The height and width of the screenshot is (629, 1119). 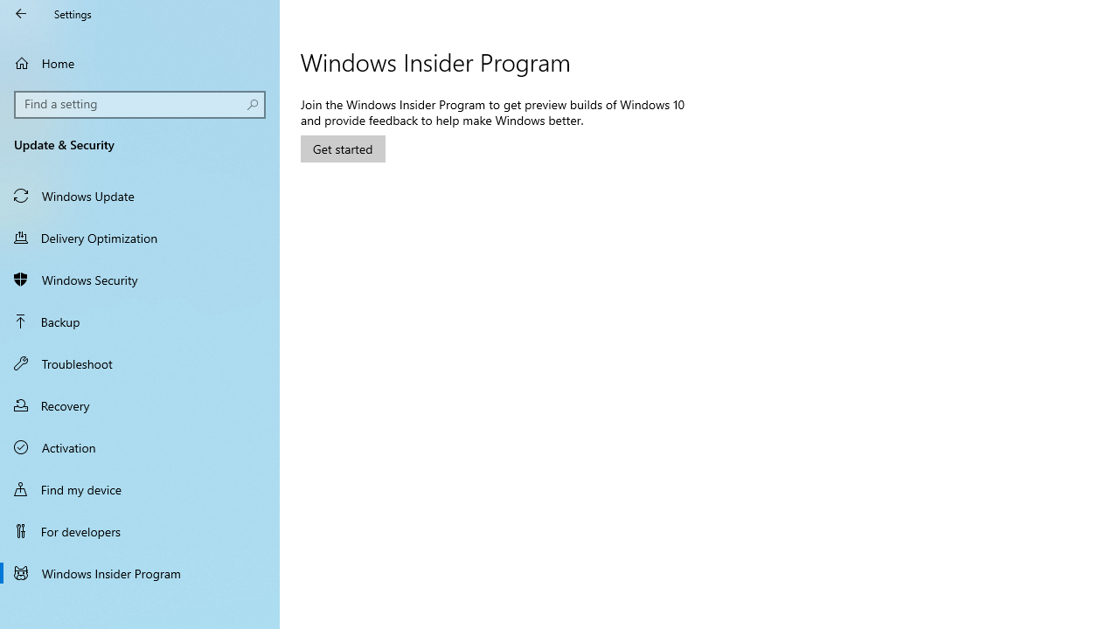 What do you see at coordinates (140, 488) in the screenshot?
I see `'Find my device'` at bounding box center [140, 488].